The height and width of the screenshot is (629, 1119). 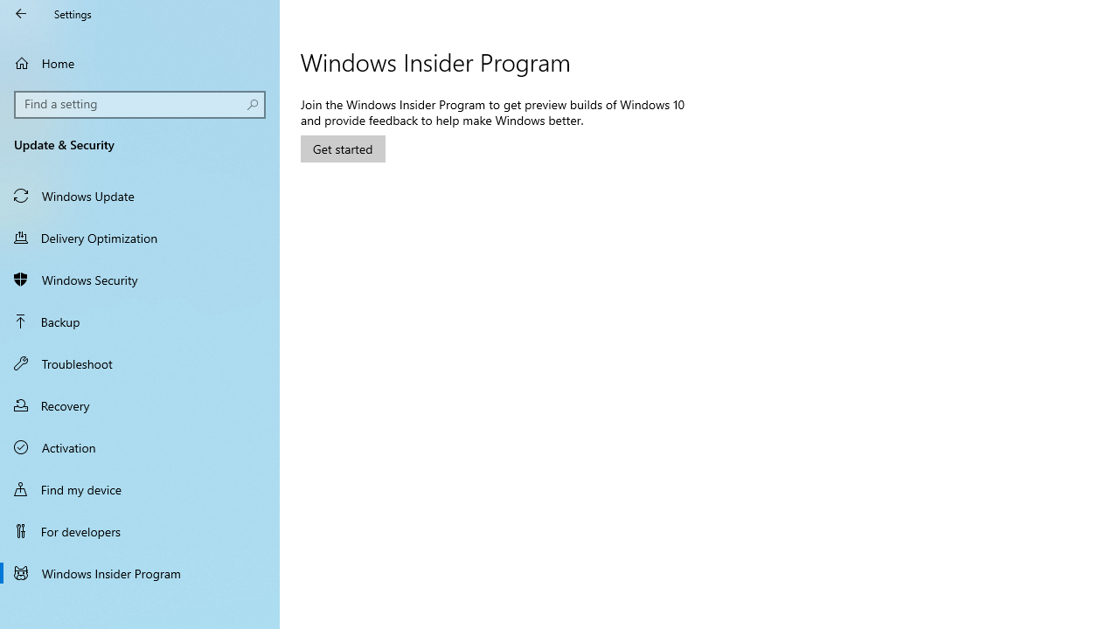 What do you see at coordinates (140, 488) in the screenshot?
I see `'Find my device'` at bounding box center [140, 488].